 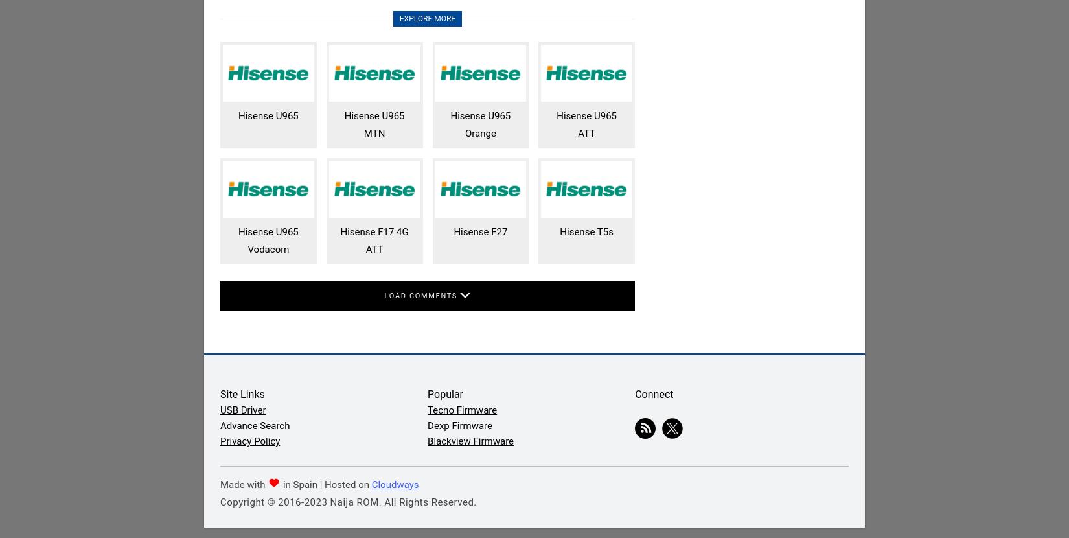 What do you see at coordinates (267, 240) in the screenshot?
I see `'Hisense U965 Vodacom'` at bounding box center [267, 240].